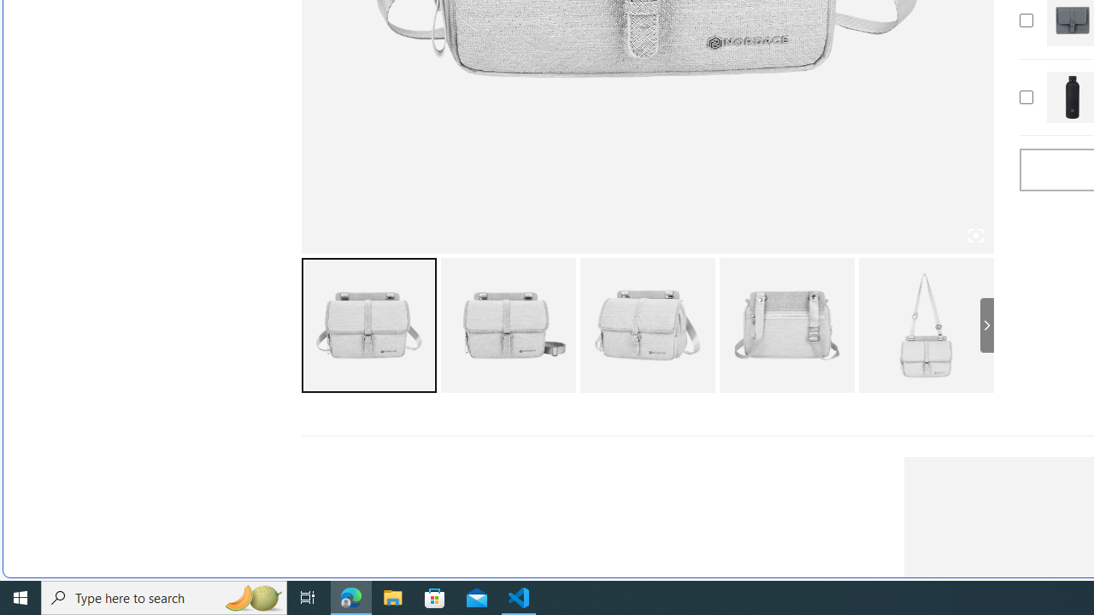 This screenshot has height=615, width=1094. What do you see at coordinates (975, 236) in the screenshot?
I see `'Class: iconic-woothumbs-fullscreen'` at bounding box center [975, 236].